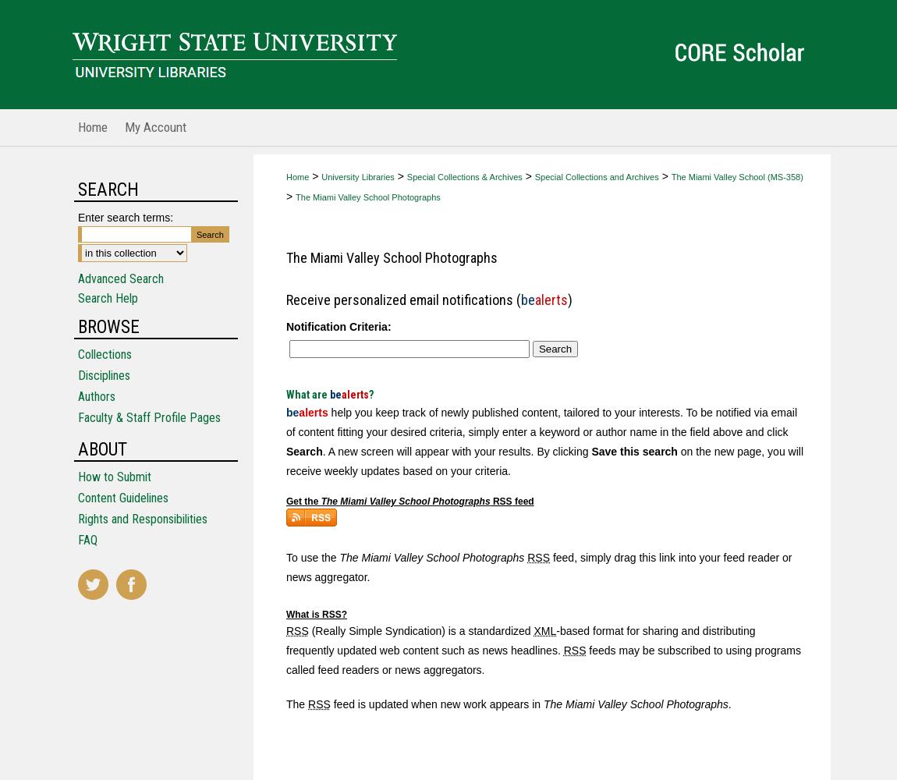 This screenshot has height=780, width=897. Describe the element at coordinates (590, 451) in the screenshot. I see `'Save this search'` at that location.